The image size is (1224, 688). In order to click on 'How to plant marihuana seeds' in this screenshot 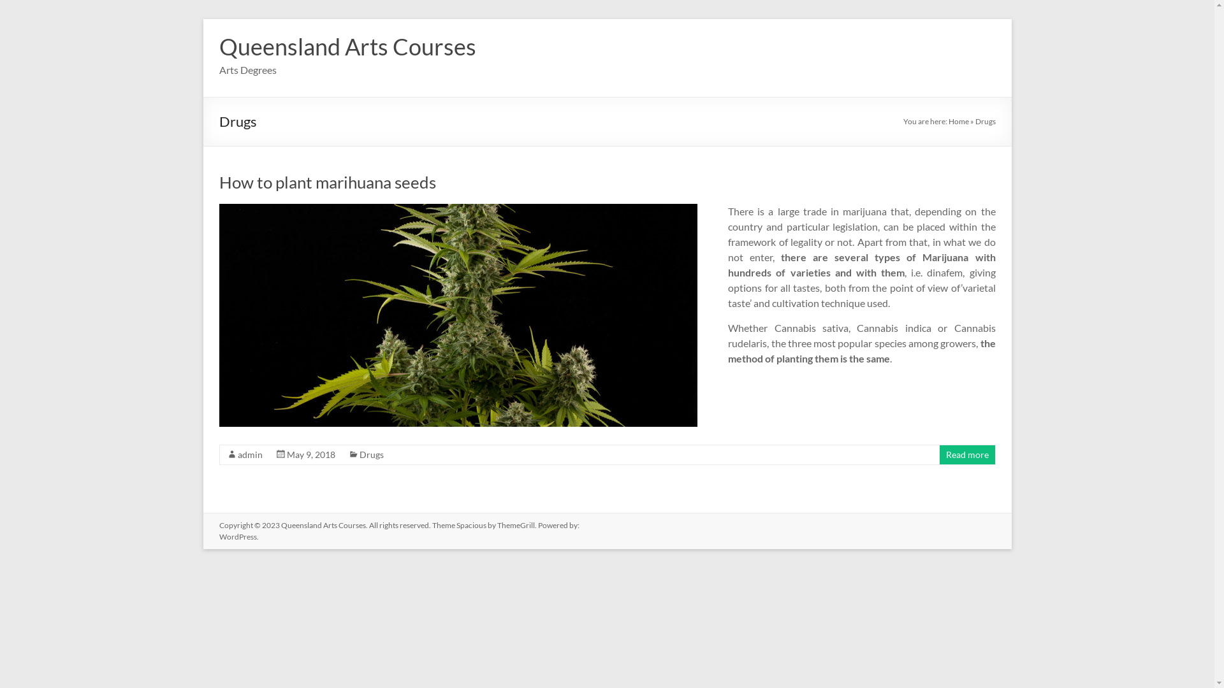, I will do `click(327, 182)`.